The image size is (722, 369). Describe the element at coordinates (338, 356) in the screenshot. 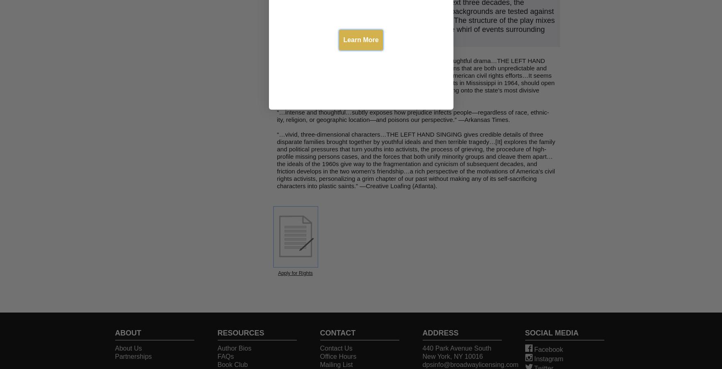

I see `'Office Hours'` at that location.